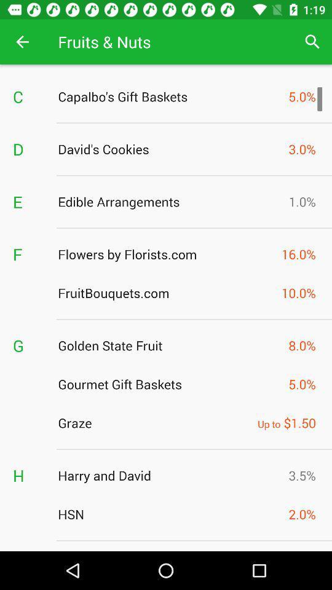 The image size is (332, 590). Describe the element at coordinates (166, 293) in the screenshot. I see `fruitbouquets.com item` at that location.